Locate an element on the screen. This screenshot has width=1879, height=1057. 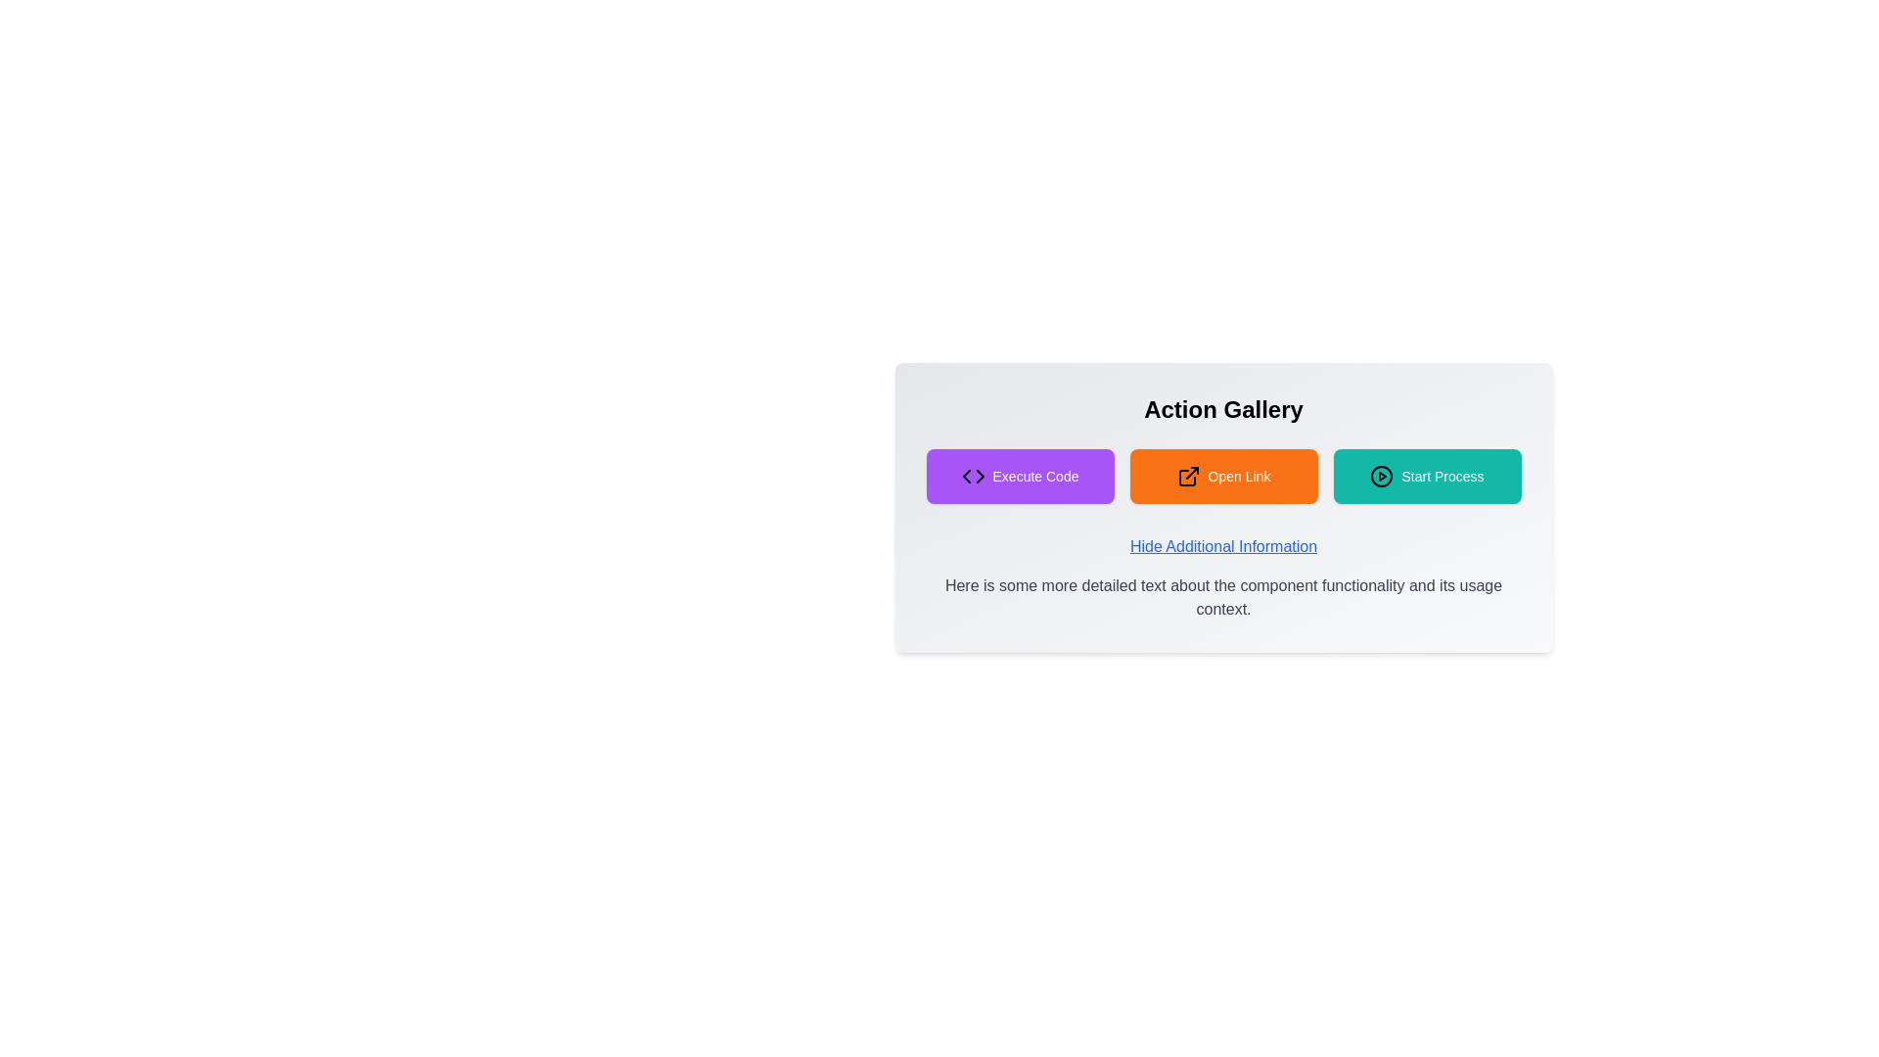
code of the left-pointing chevron SVG icon nested within the 'Execute Code' button is located at coordinates (966, 476).